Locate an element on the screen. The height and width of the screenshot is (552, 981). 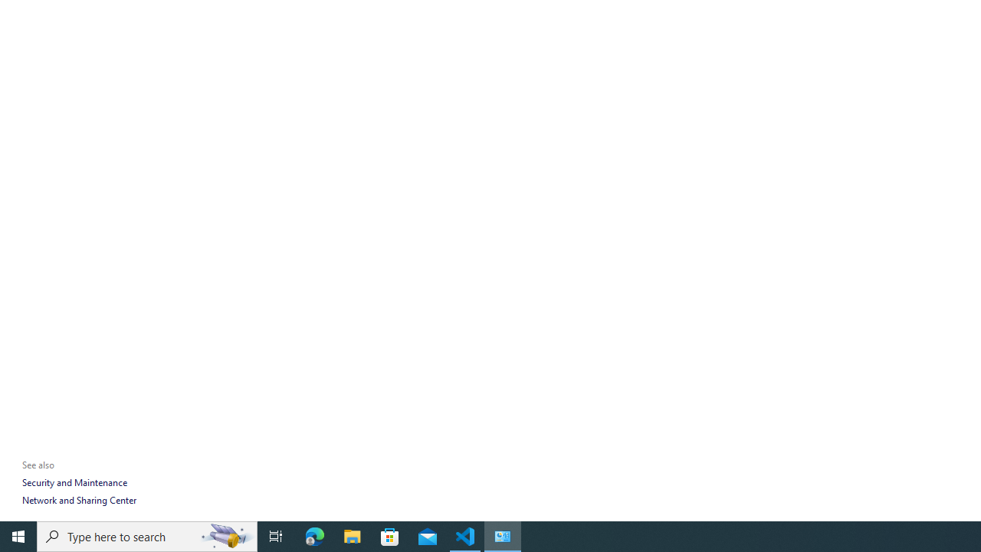
'Security and Maintenance' is located at coordinates (74, 481).